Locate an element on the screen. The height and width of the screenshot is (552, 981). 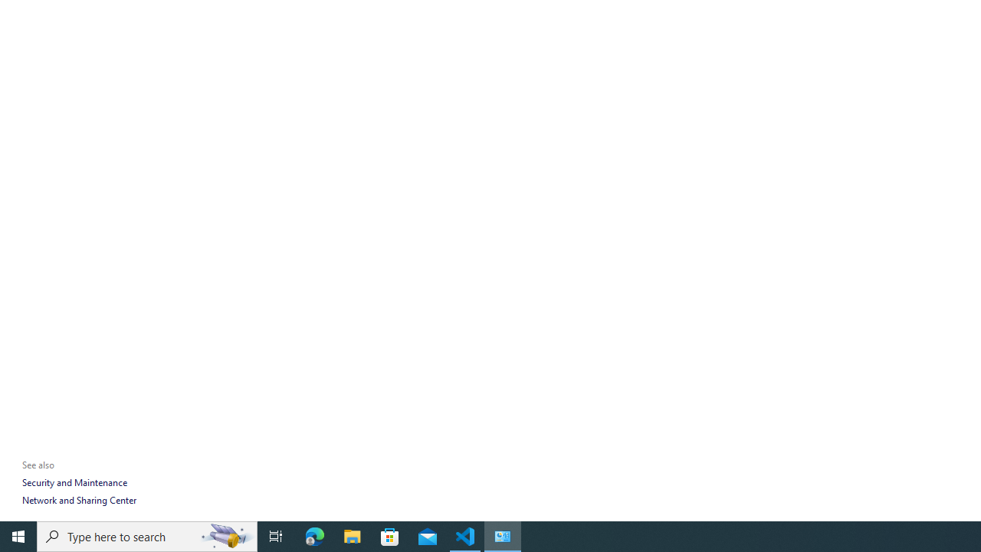
'Security and Maintenance' is located at coordinates (74, 481).